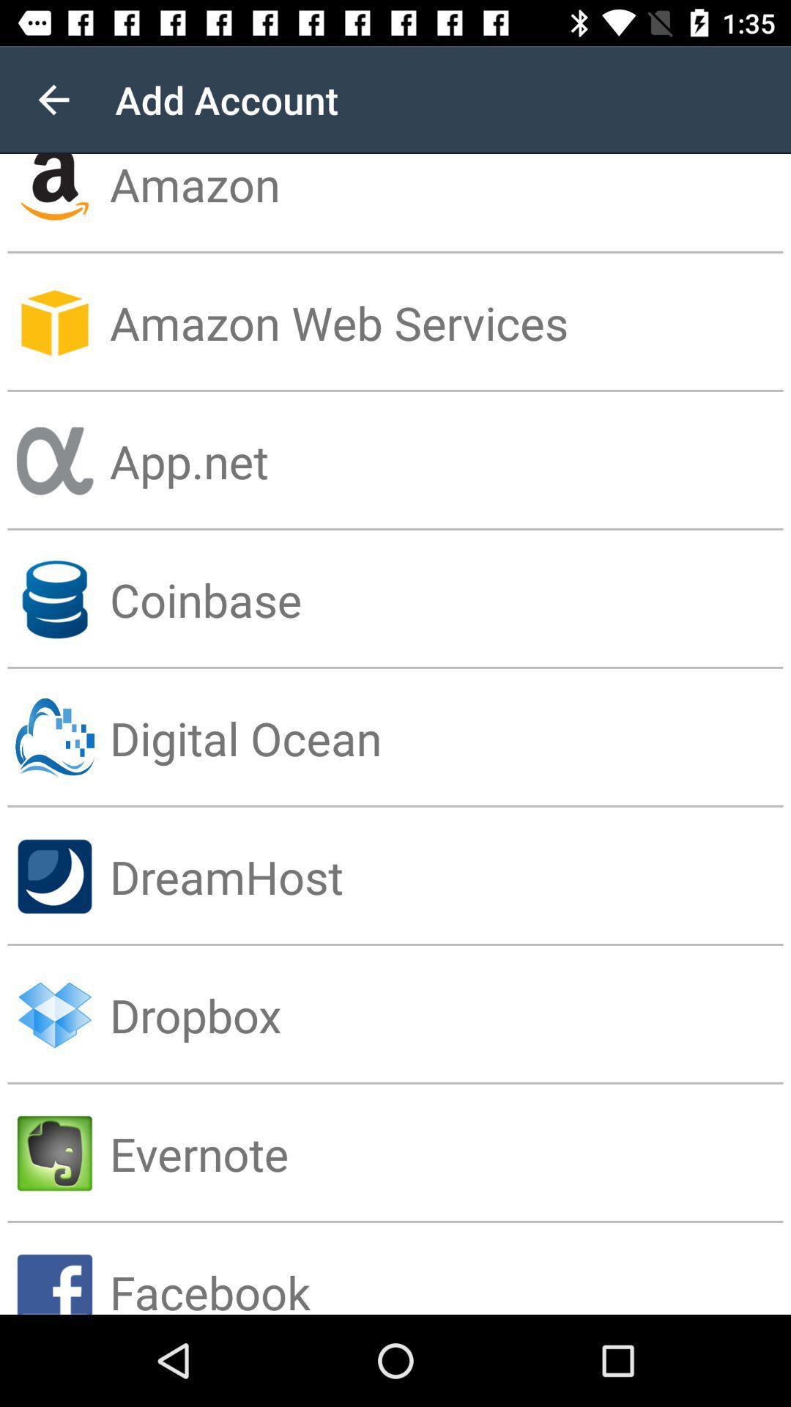 This screenshot has height=1407, width=791. Describe the element at coordinates (449, 460) in the screenshot. I see `the app.net item` at that location.